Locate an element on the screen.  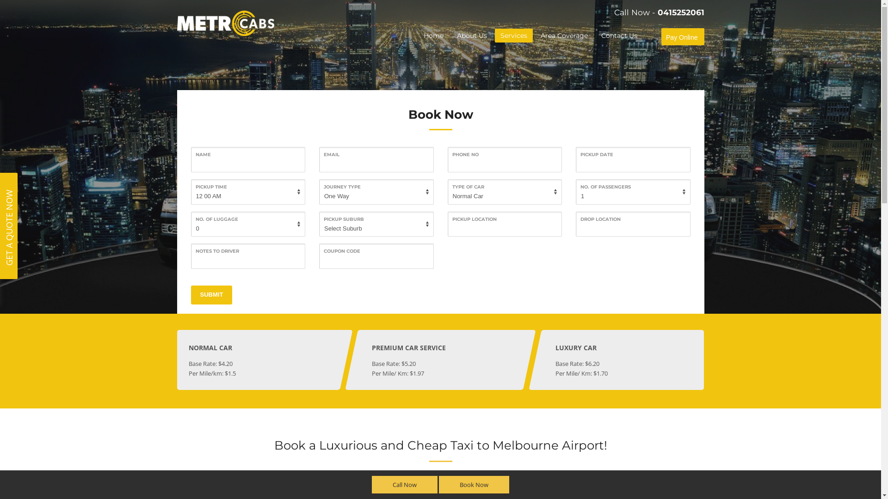
'About Us' is located at coordinates (472, 35).